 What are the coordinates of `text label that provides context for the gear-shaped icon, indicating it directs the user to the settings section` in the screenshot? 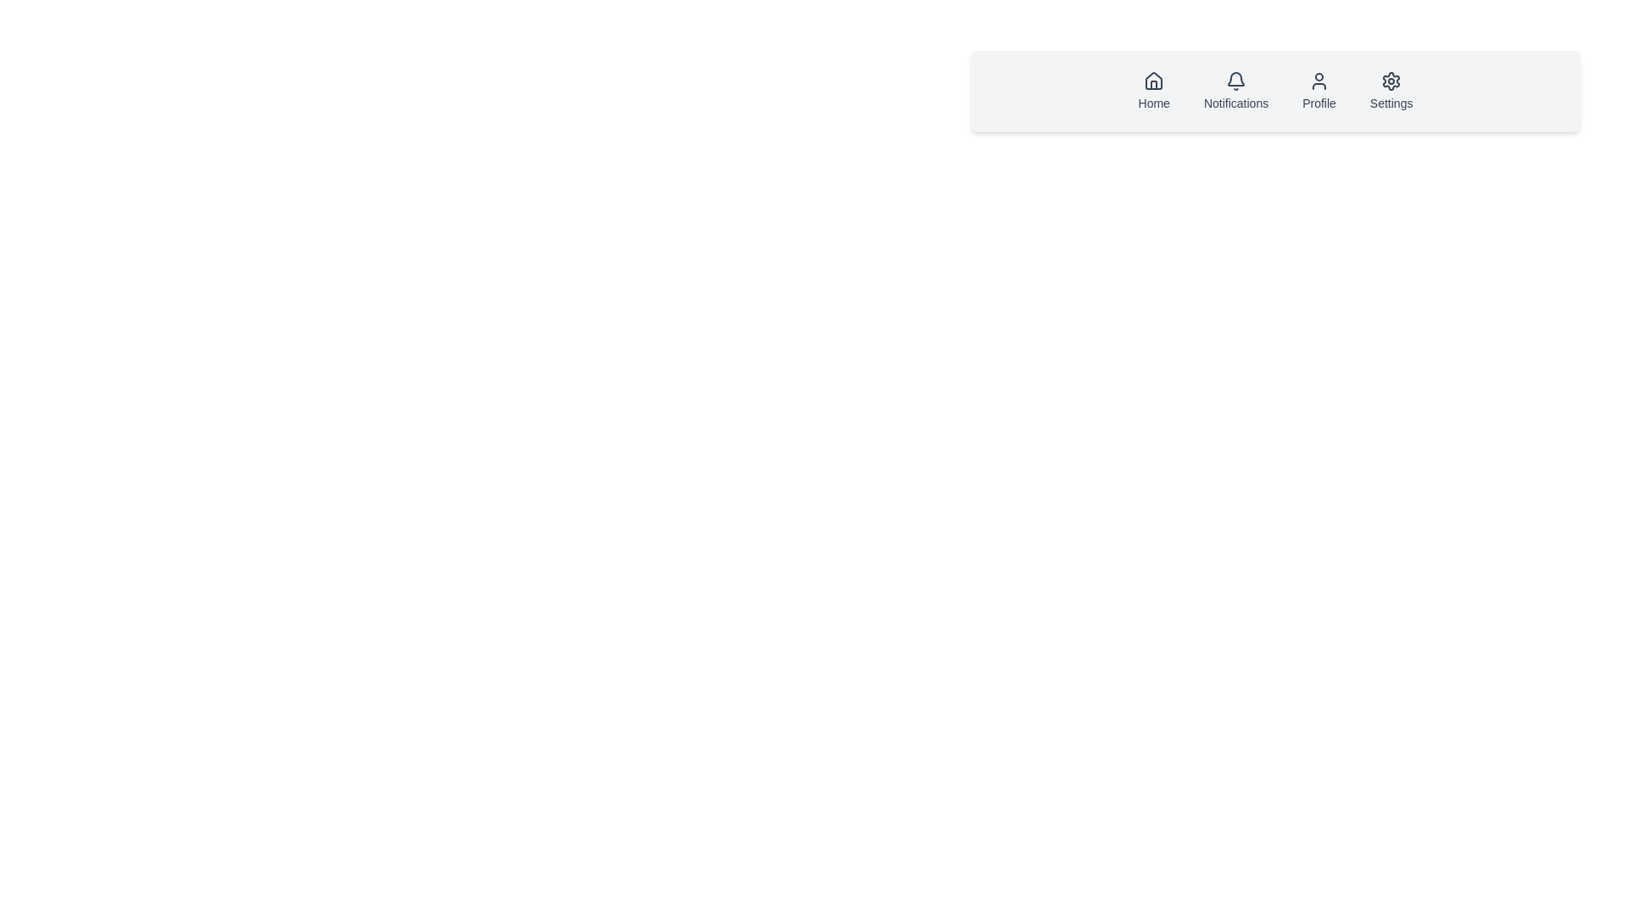 It's located at (1391, 103).